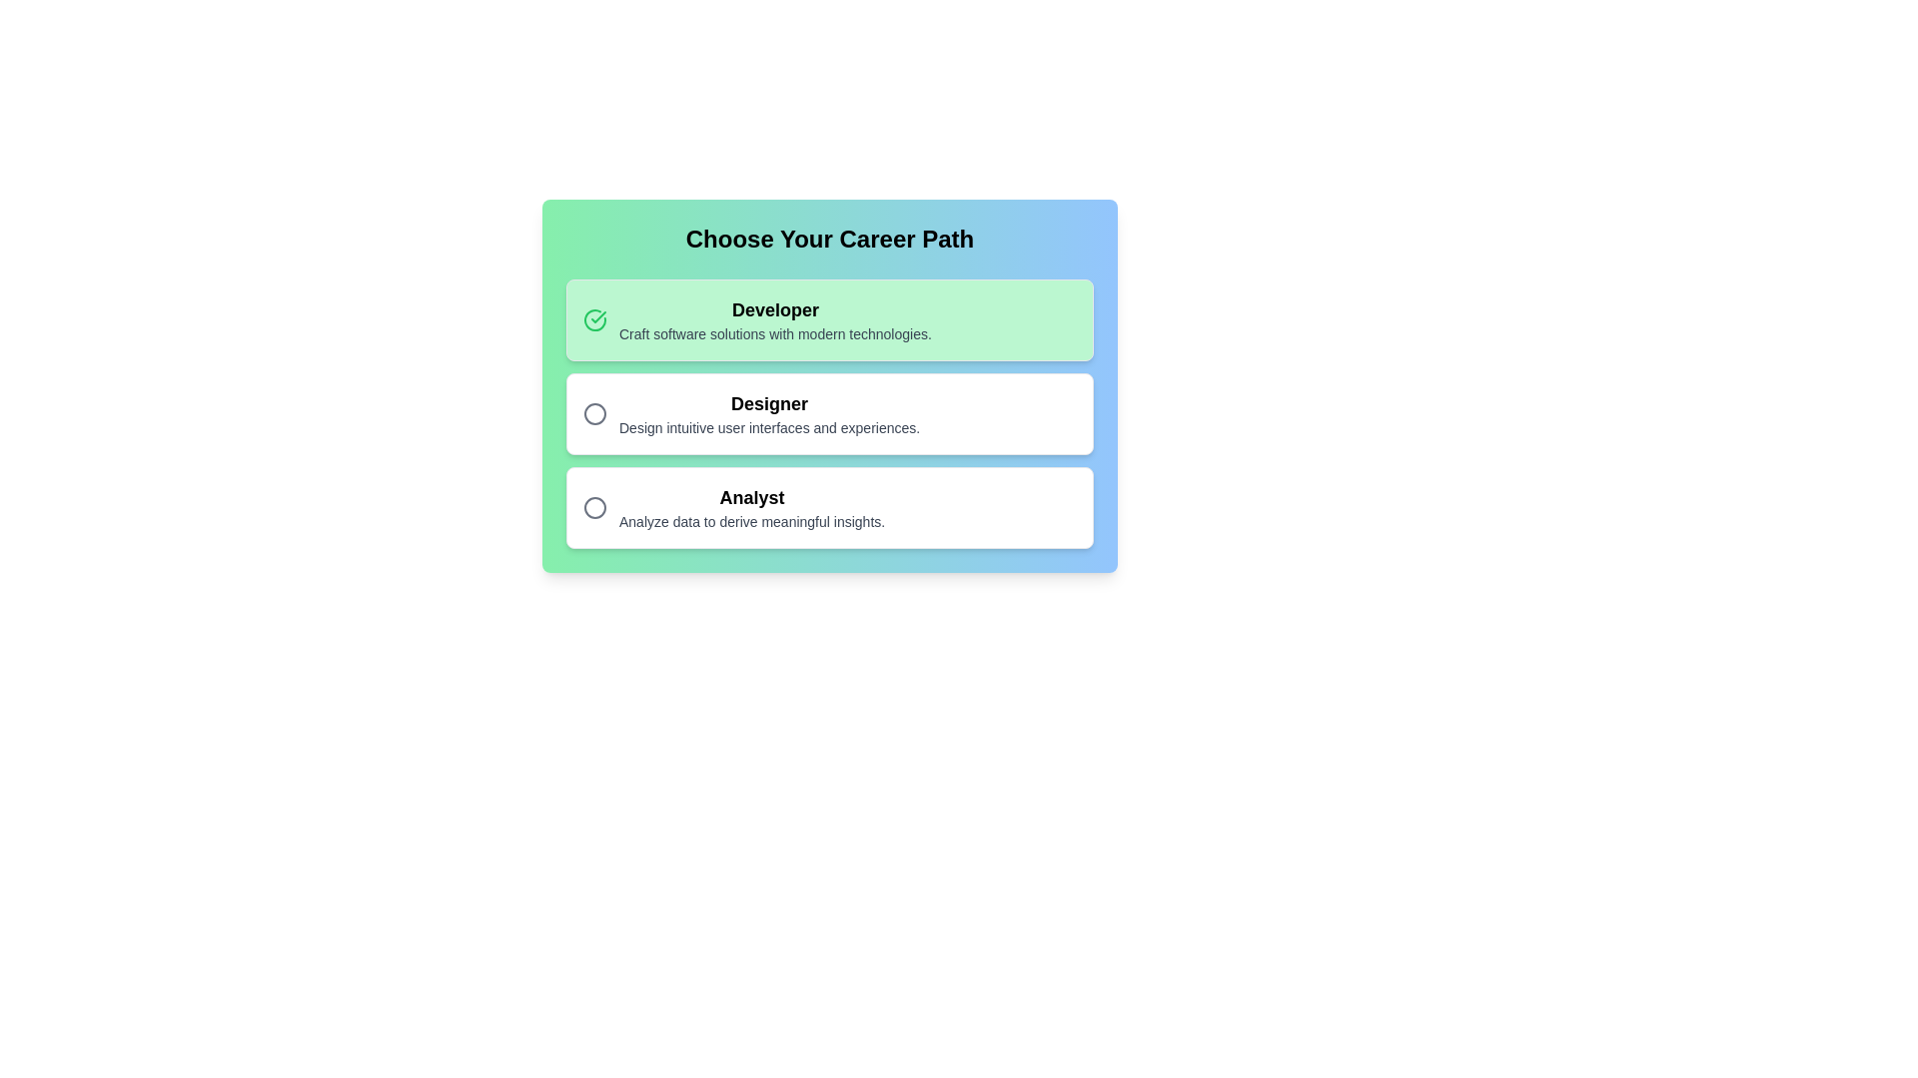 The image size is (1918, 1078). I want to click on the small green check mark icon within the 'Developer' option of the vertically arranged selection menu, located near the left edge before the text label, so click(597, 315).